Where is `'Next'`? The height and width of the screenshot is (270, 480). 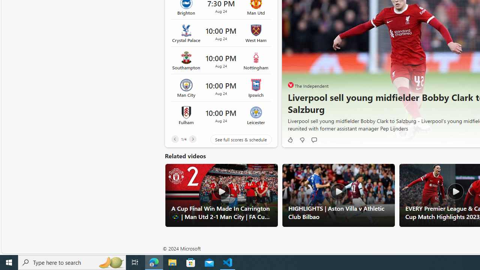 'Next' is located at coordinates (192, 139).